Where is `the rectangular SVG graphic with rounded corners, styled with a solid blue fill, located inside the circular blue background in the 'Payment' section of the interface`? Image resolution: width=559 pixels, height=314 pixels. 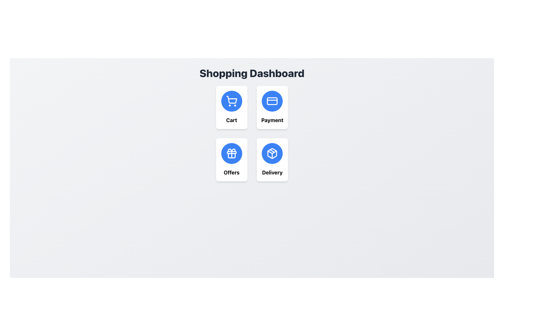
the rectangular SVG graphic with rounded corners, styled with a solid blue fill, located inside the circular blue background in the 'Payment' section of the interface is located at coordinates (272, 101).